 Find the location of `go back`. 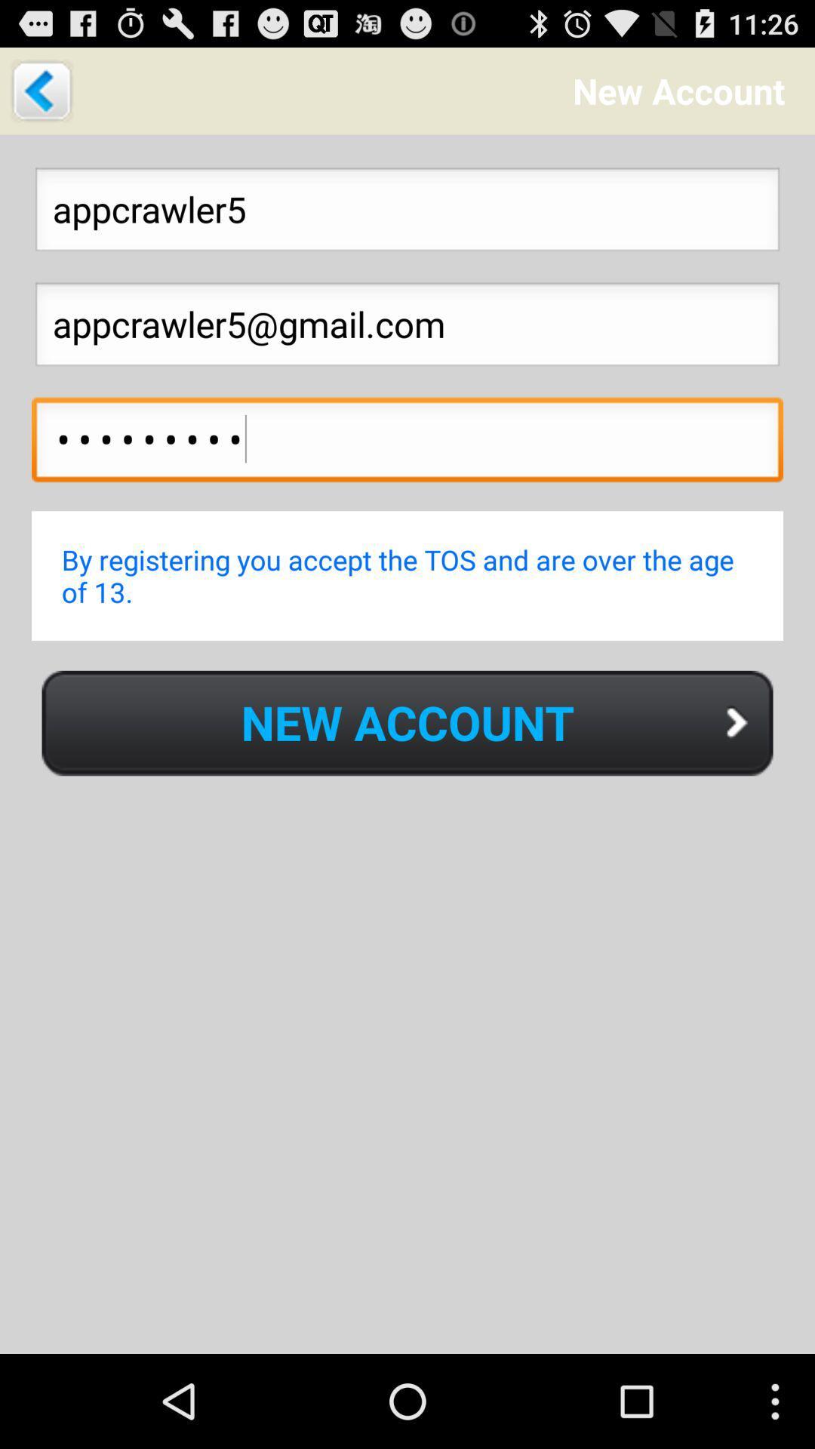

go back is located at coordinates (41, 90).